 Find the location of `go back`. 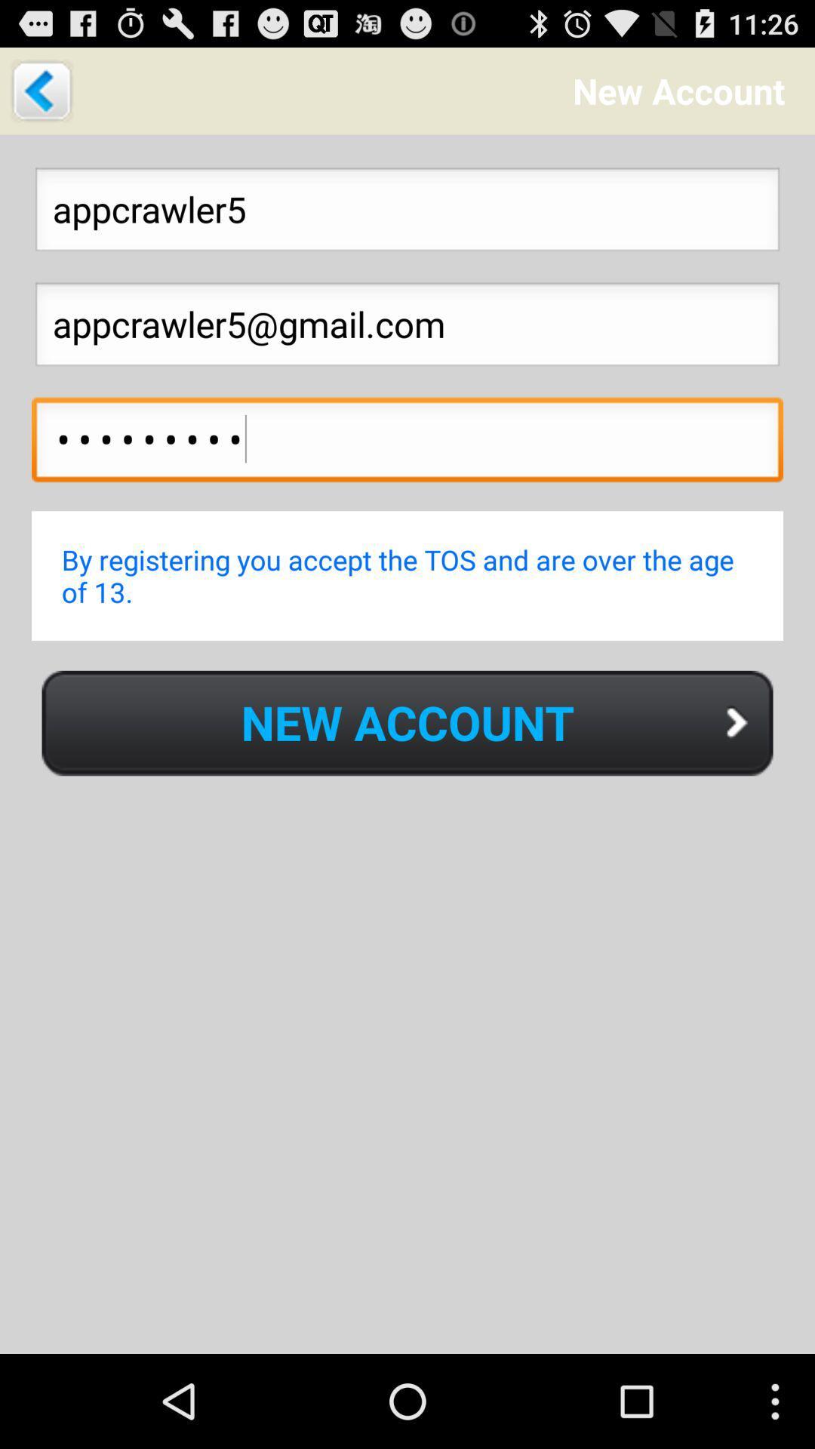

go back is located at coordinates (41, 90).